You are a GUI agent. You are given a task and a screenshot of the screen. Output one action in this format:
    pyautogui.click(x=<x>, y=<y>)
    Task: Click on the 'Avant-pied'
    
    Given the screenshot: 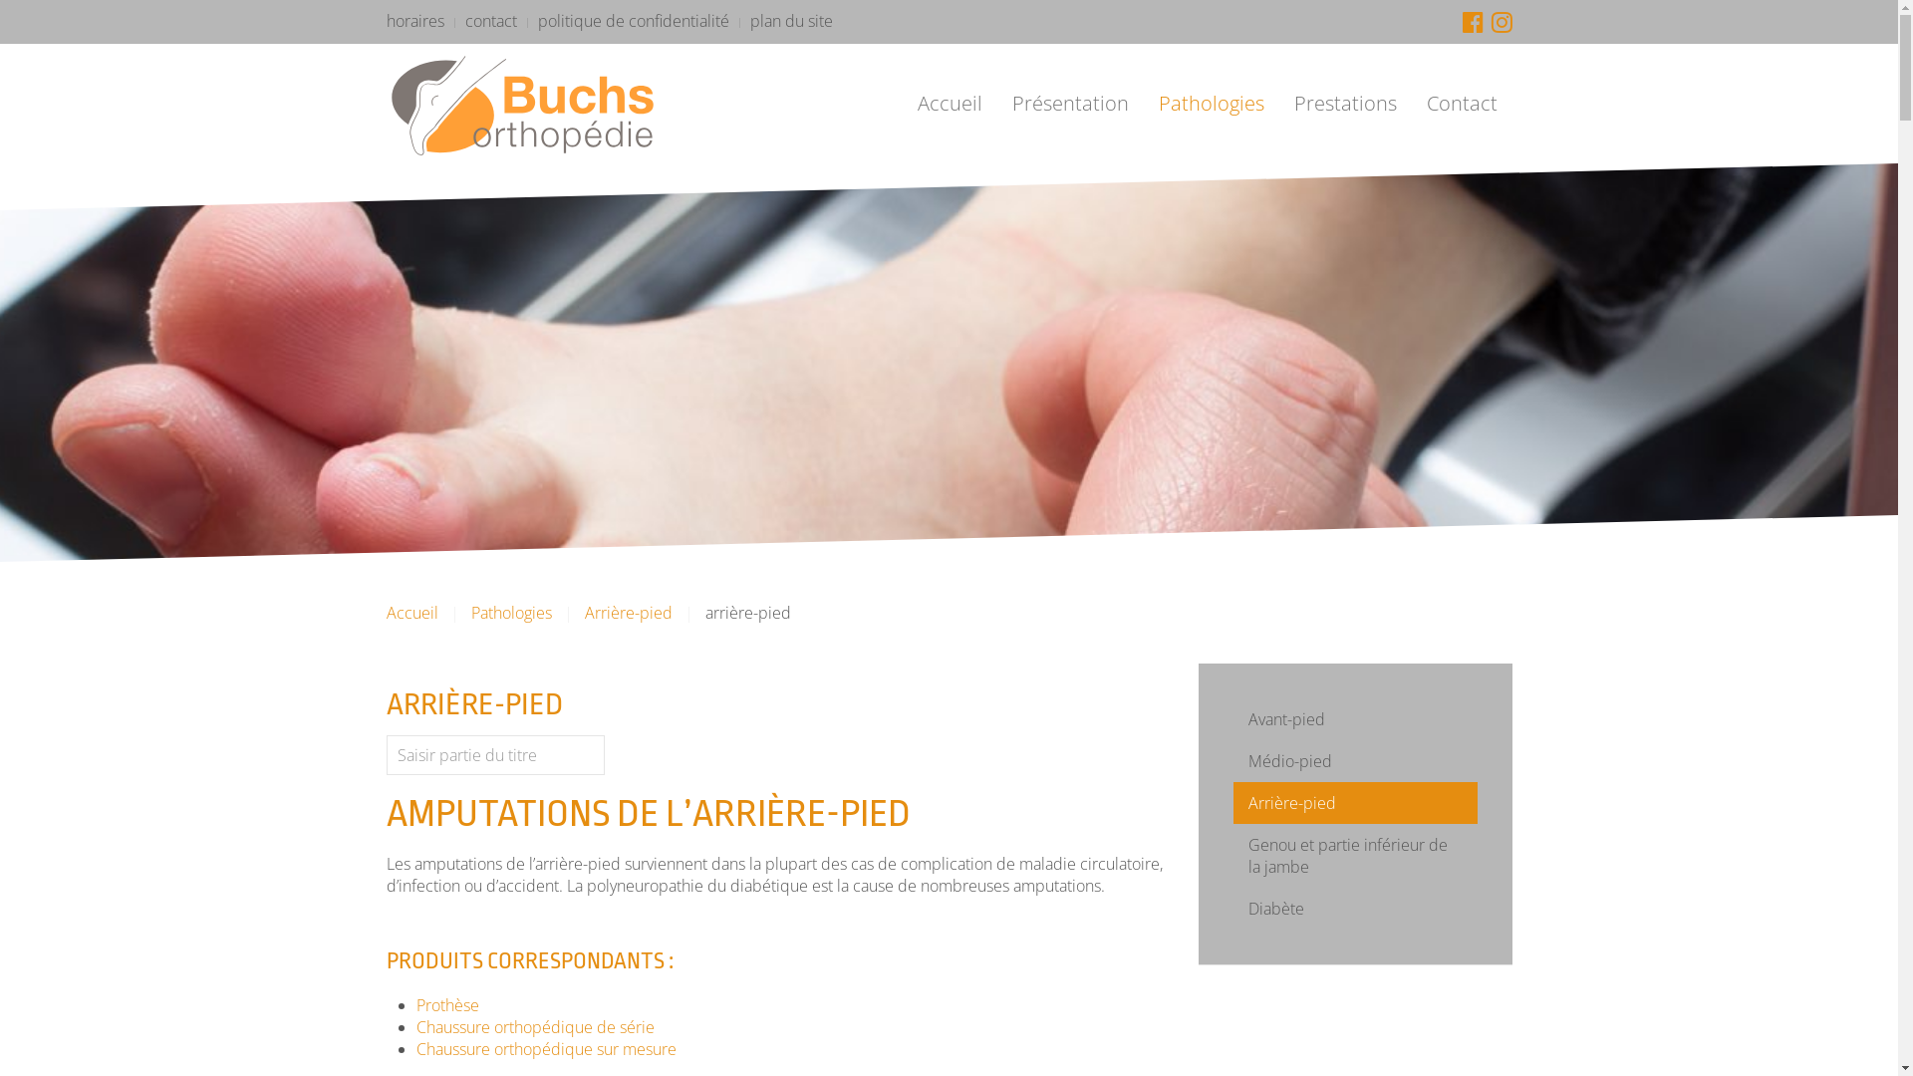 What is the action you would take?
    pyautogui.click(x=1355, y=718)
    